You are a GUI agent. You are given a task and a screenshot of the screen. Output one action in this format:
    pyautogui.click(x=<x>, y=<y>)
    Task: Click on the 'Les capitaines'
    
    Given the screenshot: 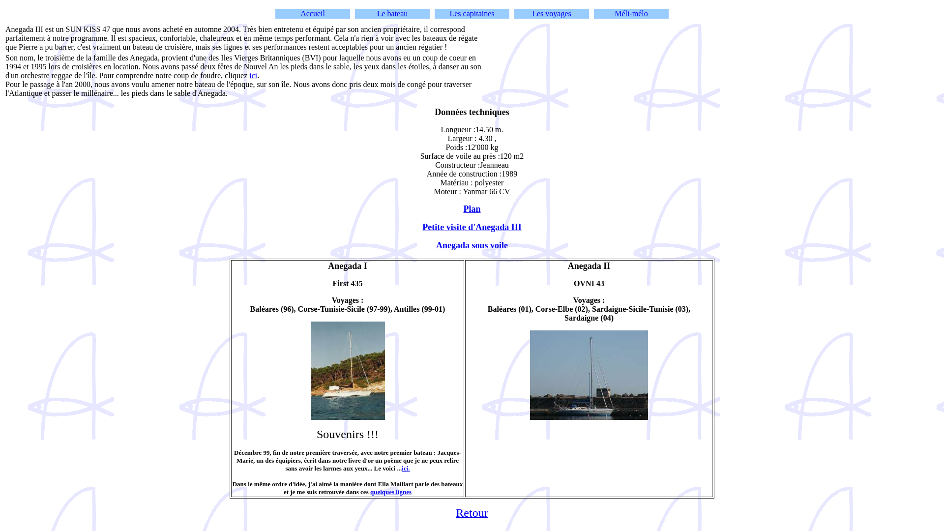 What is the action you would take?
    pyautogui.click(x=471, y=13)
    